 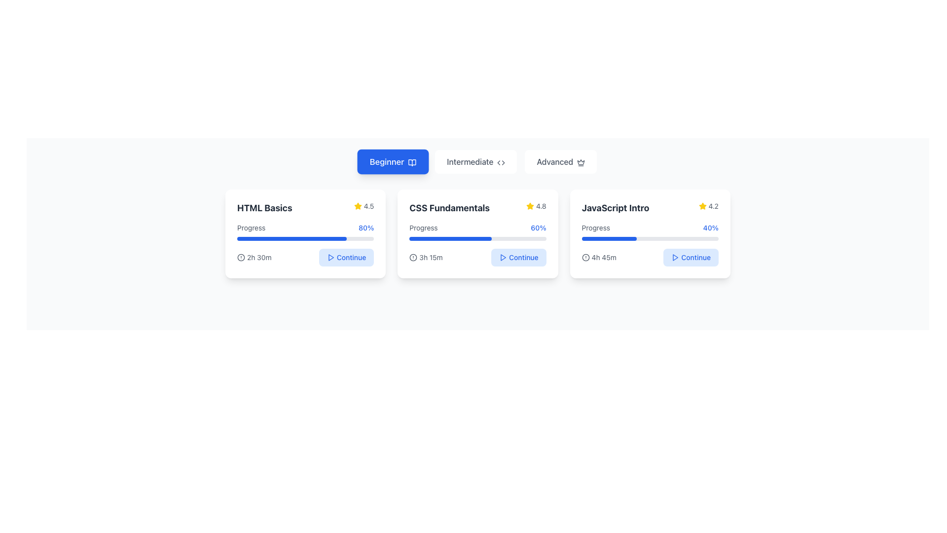 I want to click on text label that provides context for the progress bar and percentage indicator located in the second card from the left, positioned centrally near the top, above the progress bar and to the left of the percentage indicator ('60%'), so click(x=424, y=228).